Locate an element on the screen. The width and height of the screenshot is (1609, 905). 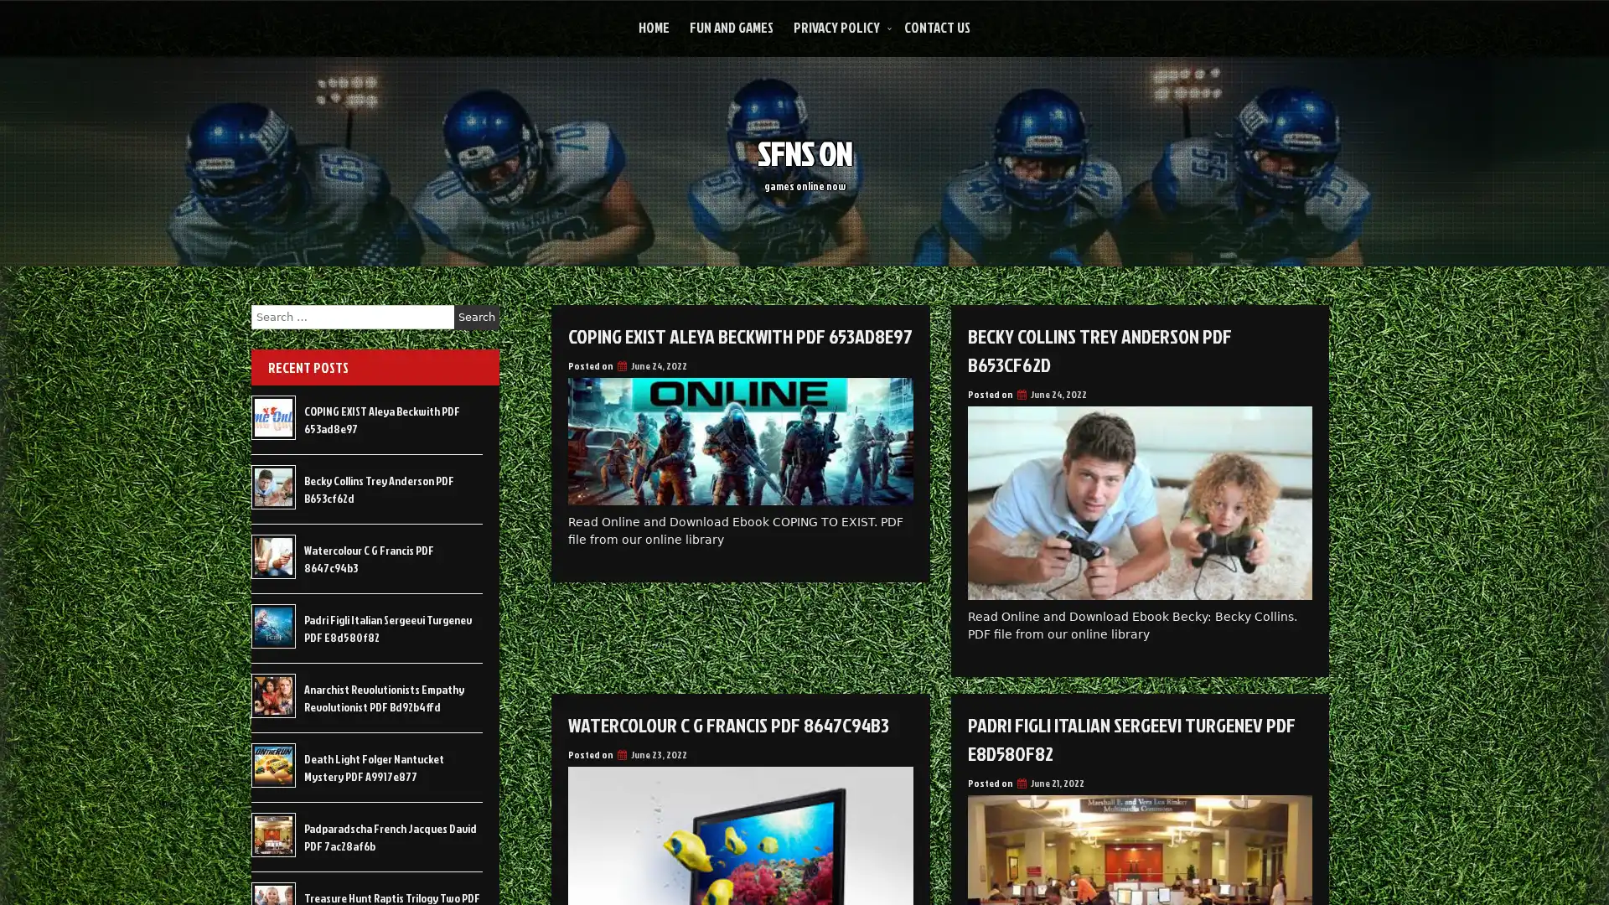
Search is located at coordinates (476, 317).